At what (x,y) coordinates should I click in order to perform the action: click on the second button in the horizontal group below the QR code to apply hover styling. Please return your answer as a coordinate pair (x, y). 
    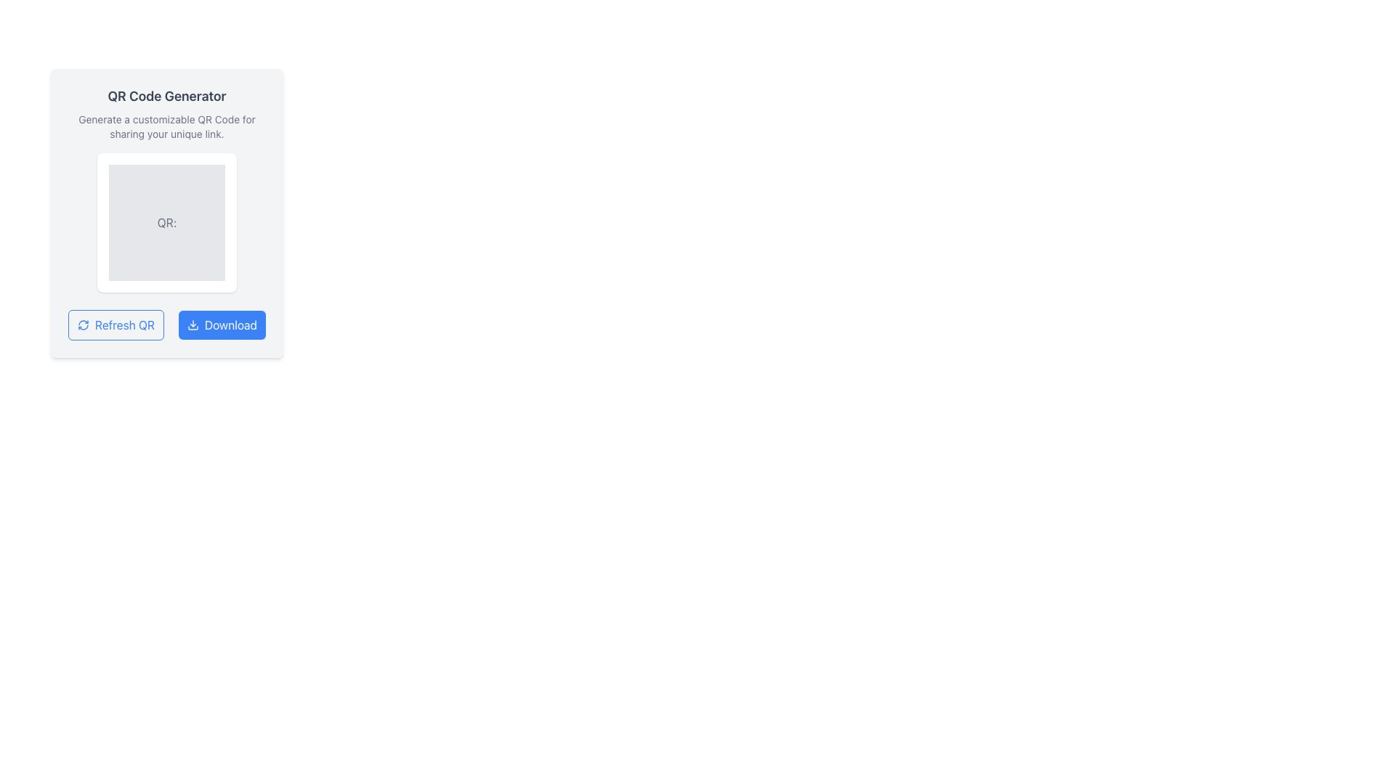
    Looking at the image, I should click on (221, 324).